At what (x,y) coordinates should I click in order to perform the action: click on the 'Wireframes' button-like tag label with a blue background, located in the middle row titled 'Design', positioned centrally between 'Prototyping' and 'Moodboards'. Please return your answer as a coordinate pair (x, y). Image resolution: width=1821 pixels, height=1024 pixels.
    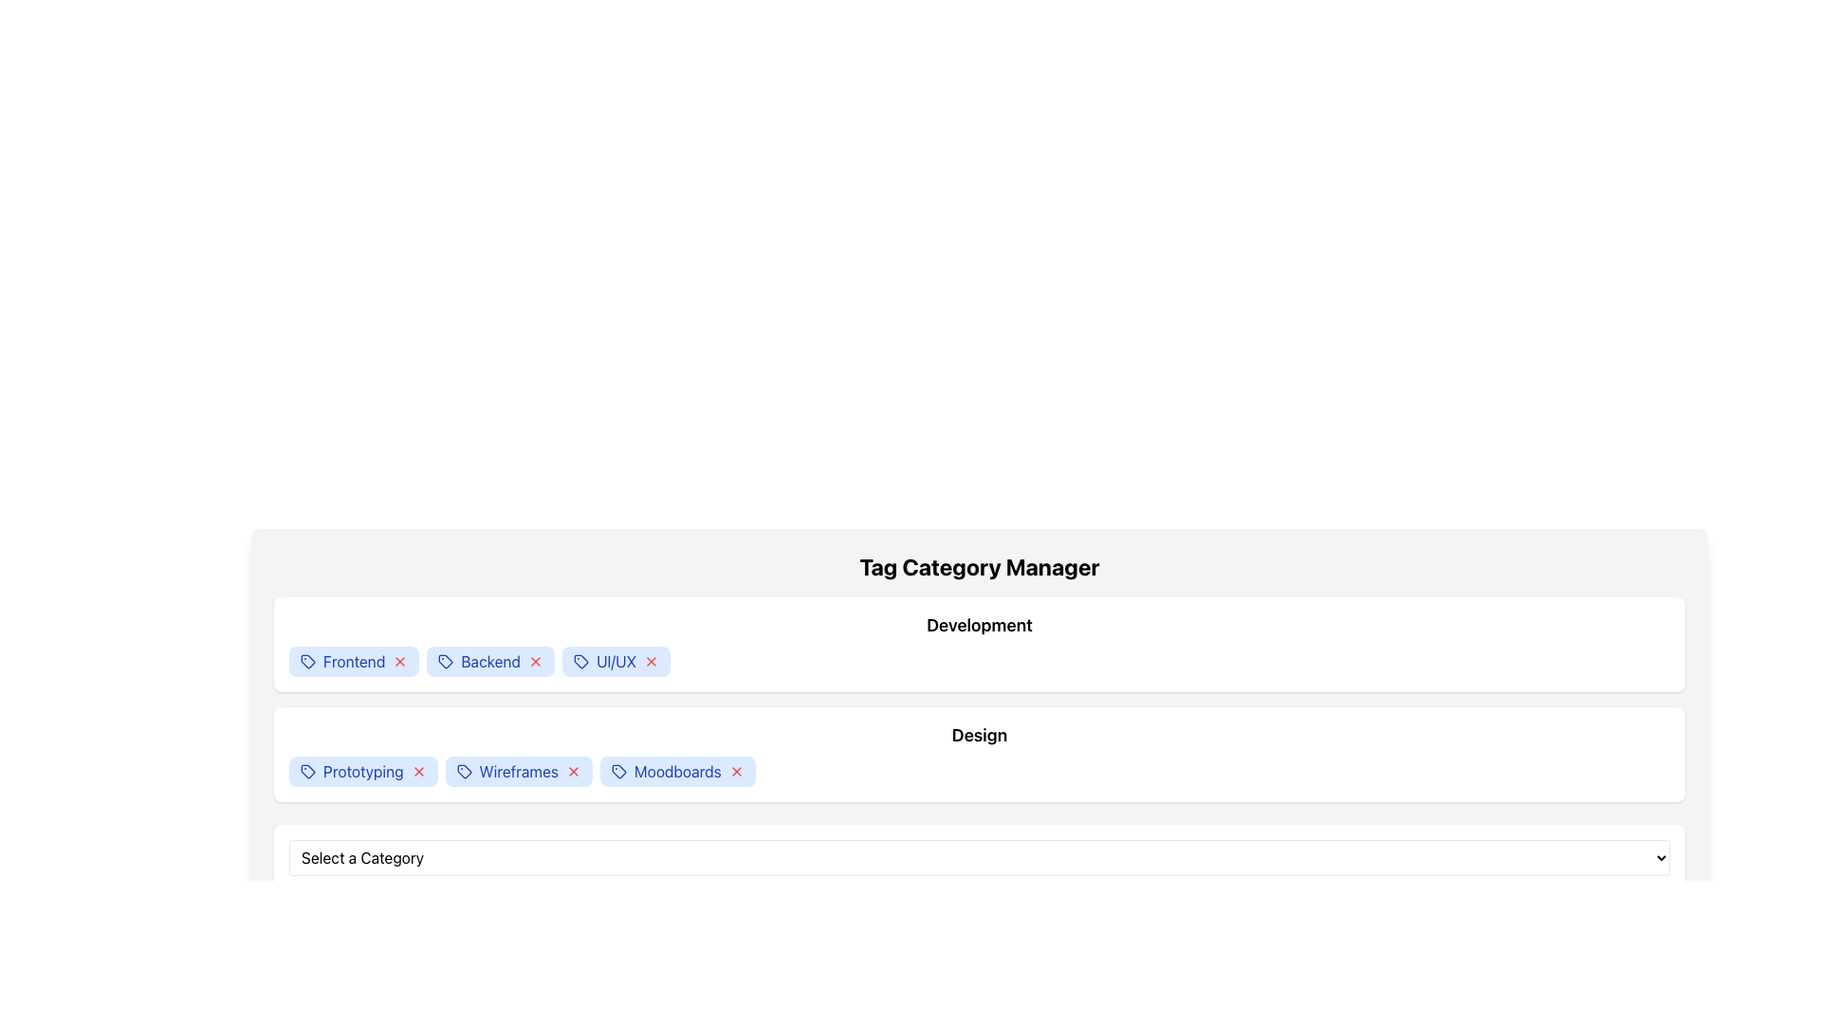
    Looking at the image, I should click on (519, 771).